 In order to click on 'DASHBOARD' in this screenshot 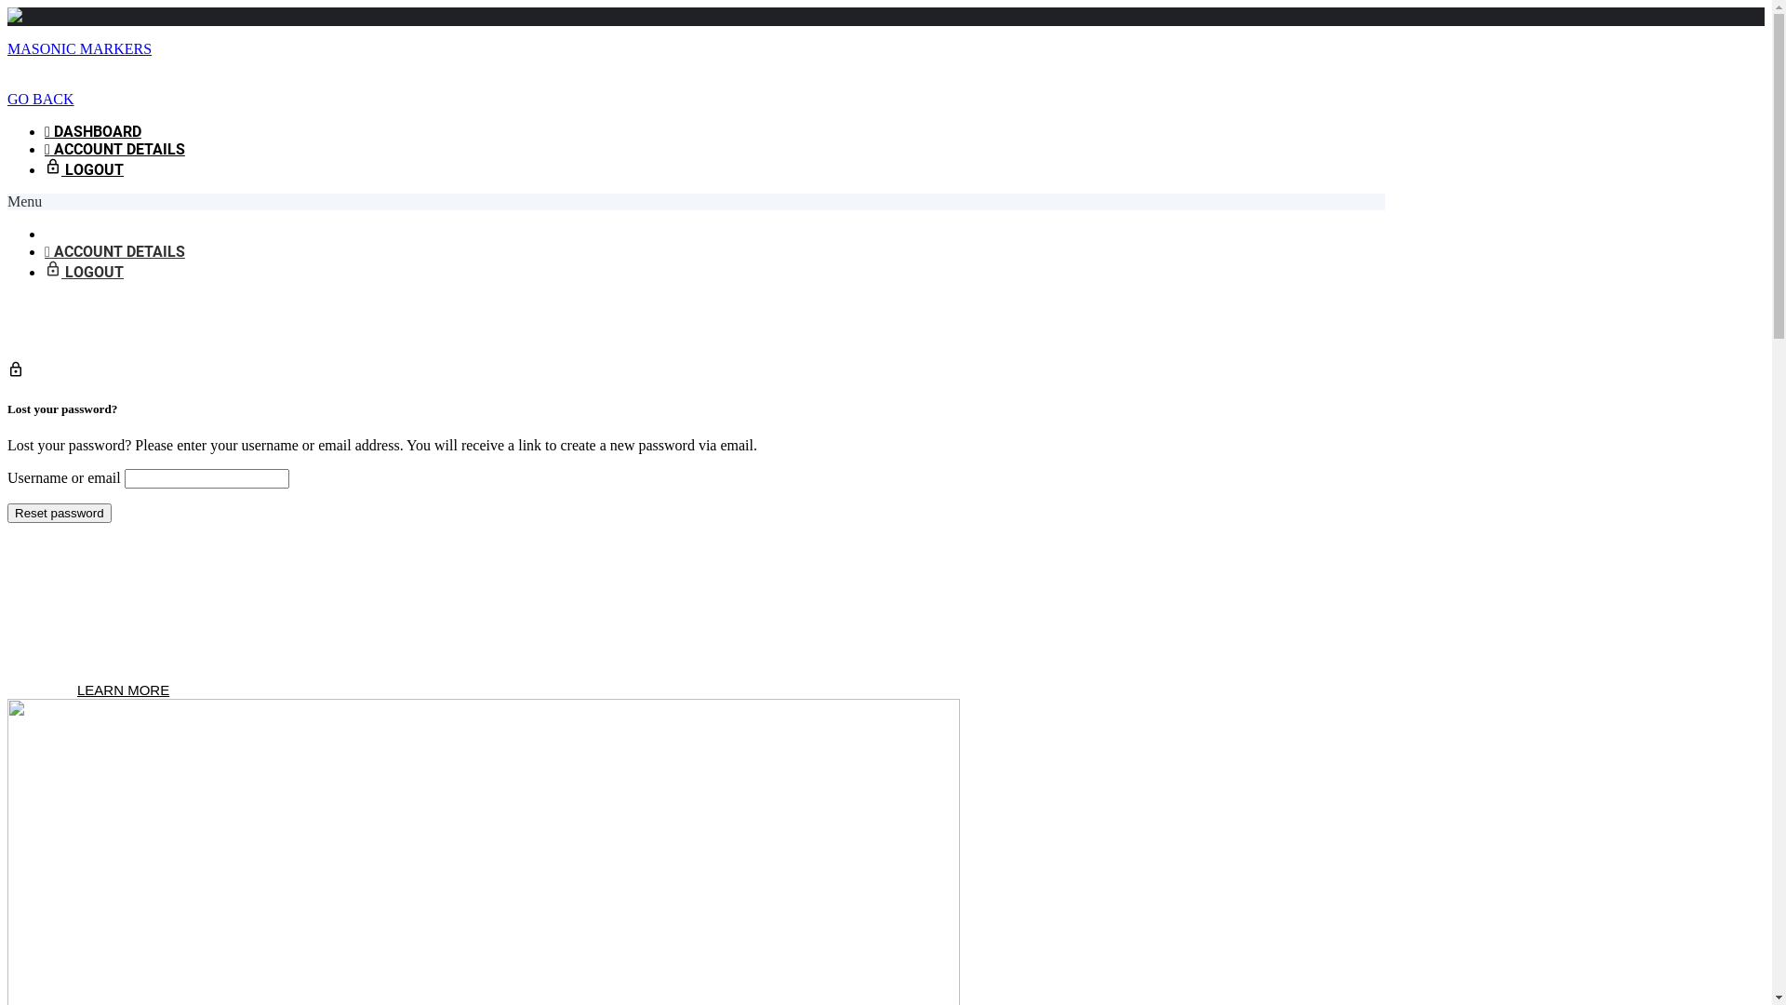, I will do `click(45, 130)`.